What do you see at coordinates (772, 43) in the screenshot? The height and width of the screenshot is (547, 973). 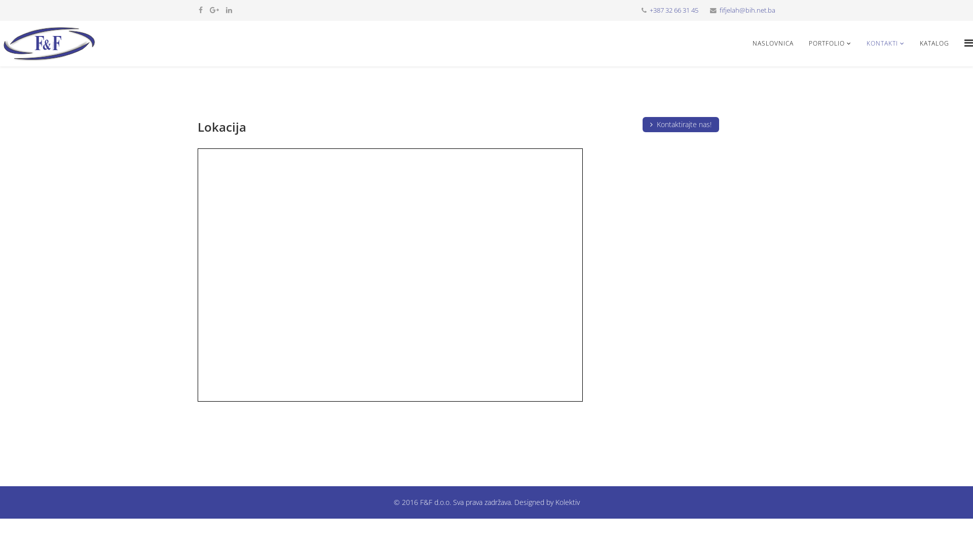 I see `'NASLOVNICA'` at bounding box center [772, 43].